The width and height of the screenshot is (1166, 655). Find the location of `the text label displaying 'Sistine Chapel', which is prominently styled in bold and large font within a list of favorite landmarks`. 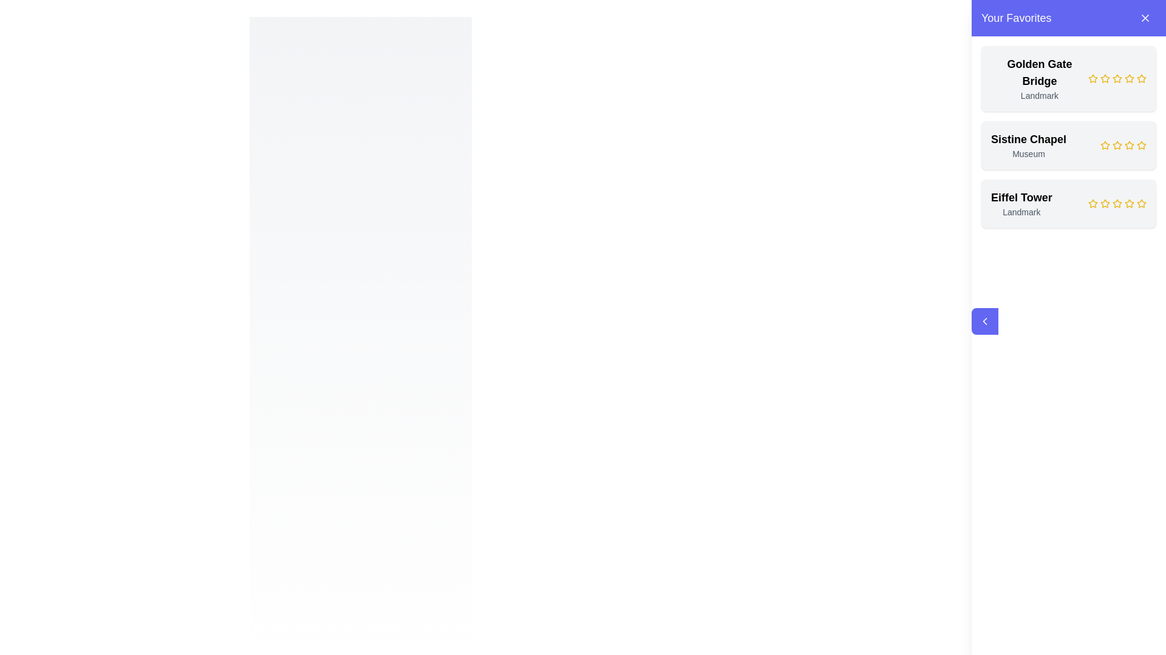

the text label displaying 'Sistine Chapel', which is prominently styled in bold and large font within a list of favorite landmarks is located at coordinates (1028, 139).